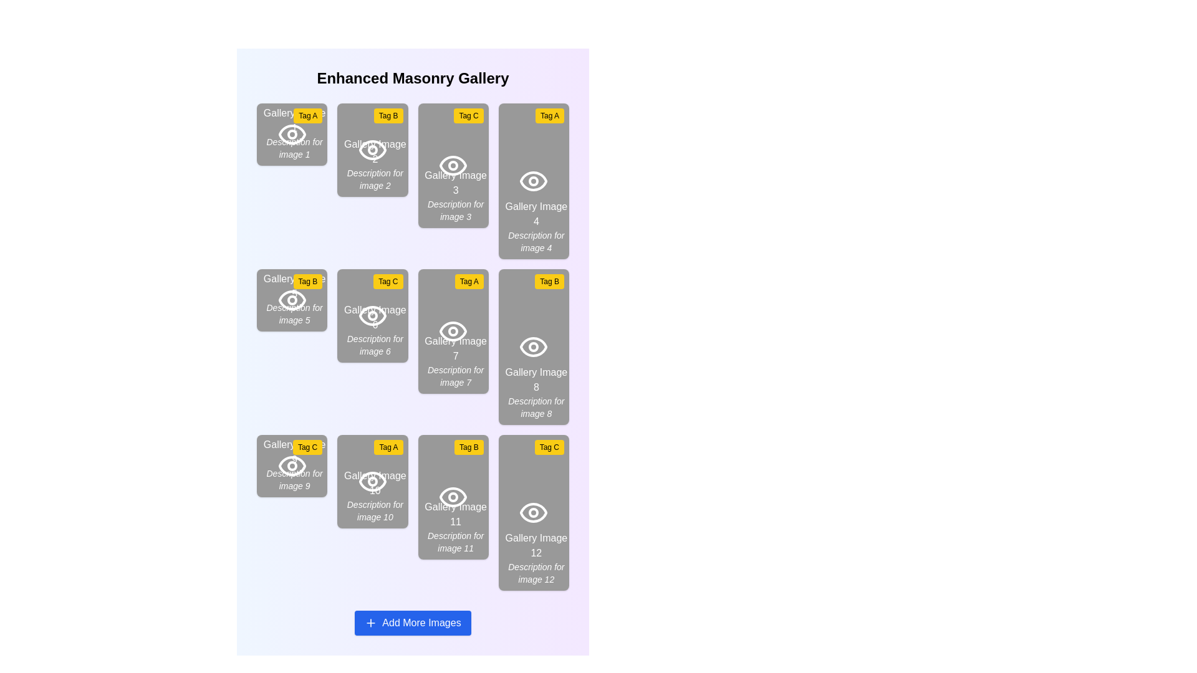 The width and height of the screenshot is (1197, 673). What do you see at coordinates (291, 300) in the screenshot?
I see `the gallery card located in the second row, first column` at bounding box center [291, 300].